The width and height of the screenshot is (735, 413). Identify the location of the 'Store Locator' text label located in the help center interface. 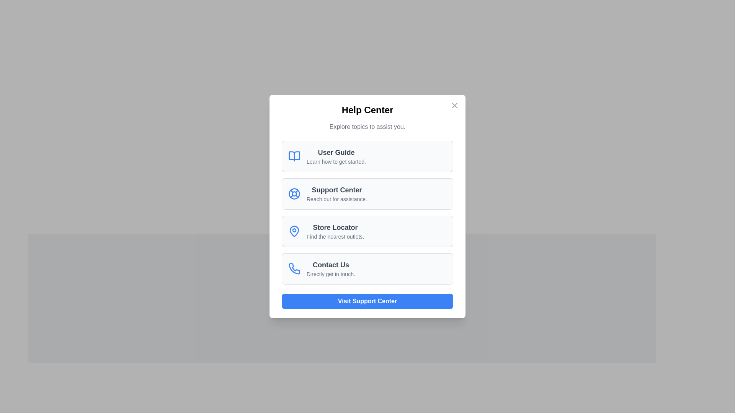
(335, 231).